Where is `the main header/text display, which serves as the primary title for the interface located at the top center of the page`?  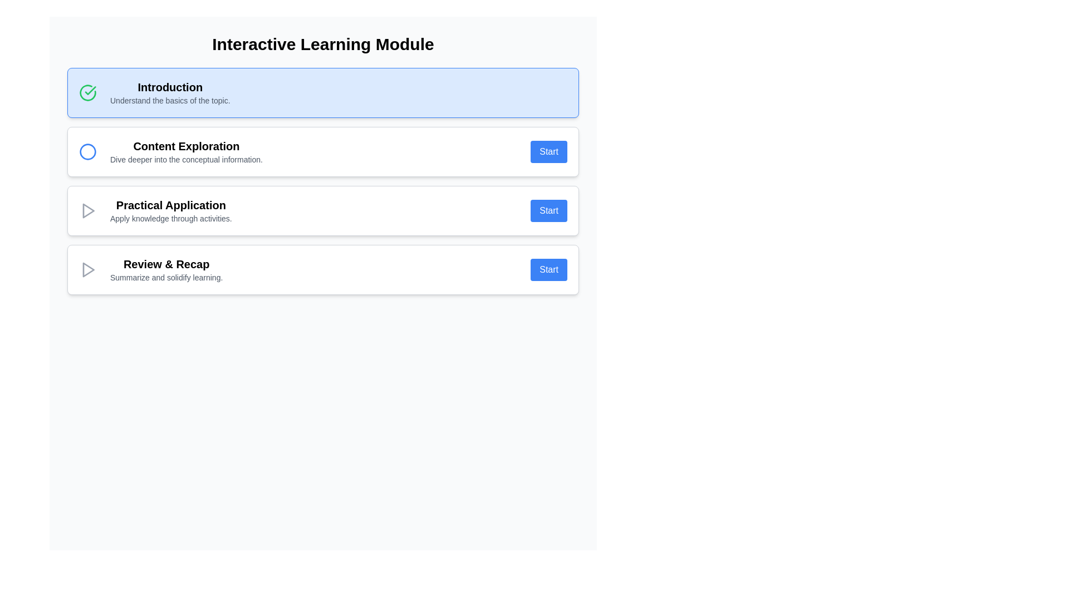
the main header/text display, which serves as the primary title for the interface located at the top center of the page is located at coordinates (322, 44).